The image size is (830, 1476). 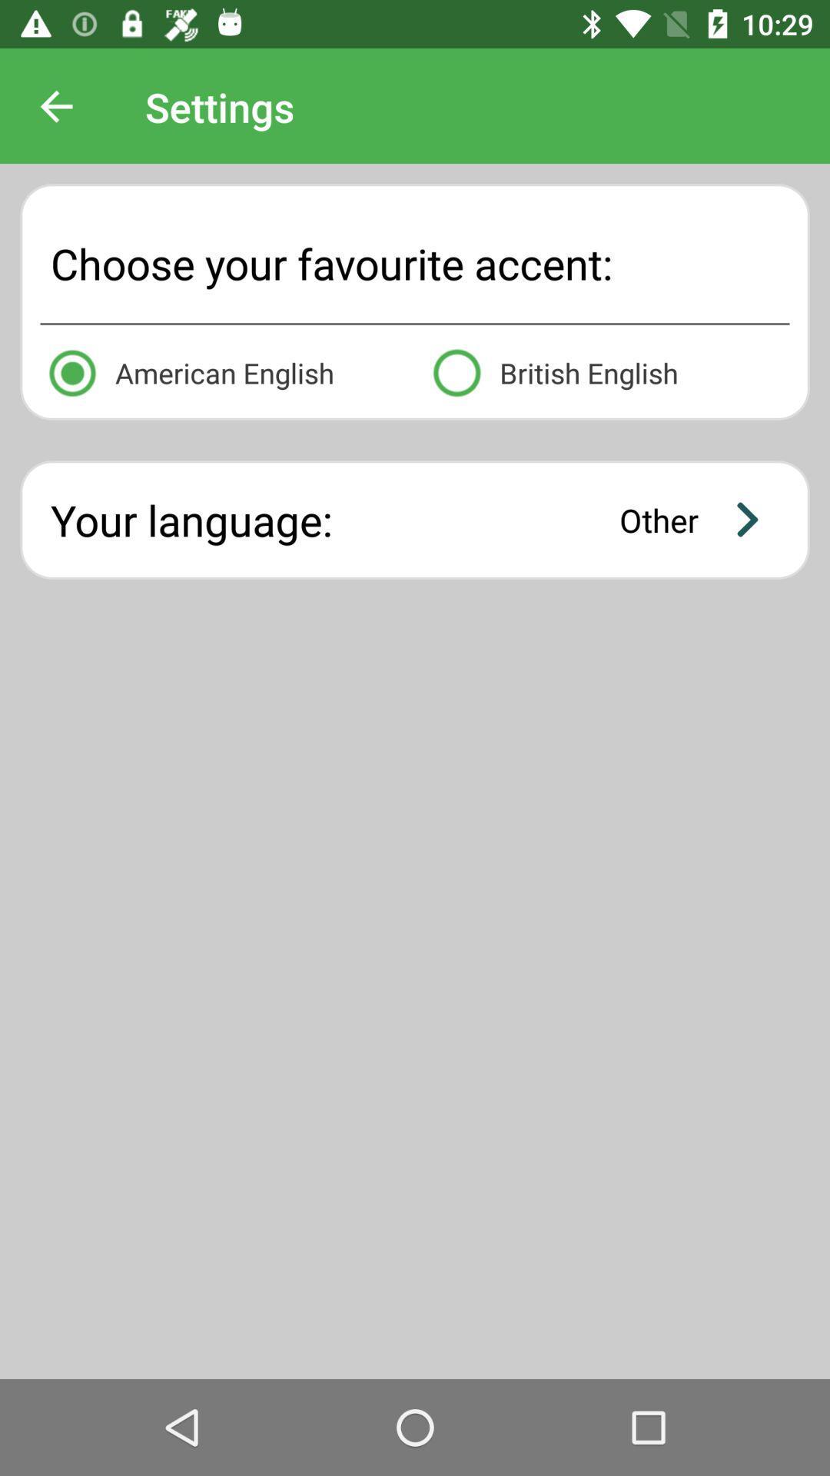 What do you see at coordinates (606, 370) in the screenshot?
I see `item above the your language: item` at bounding box center [606, 370].